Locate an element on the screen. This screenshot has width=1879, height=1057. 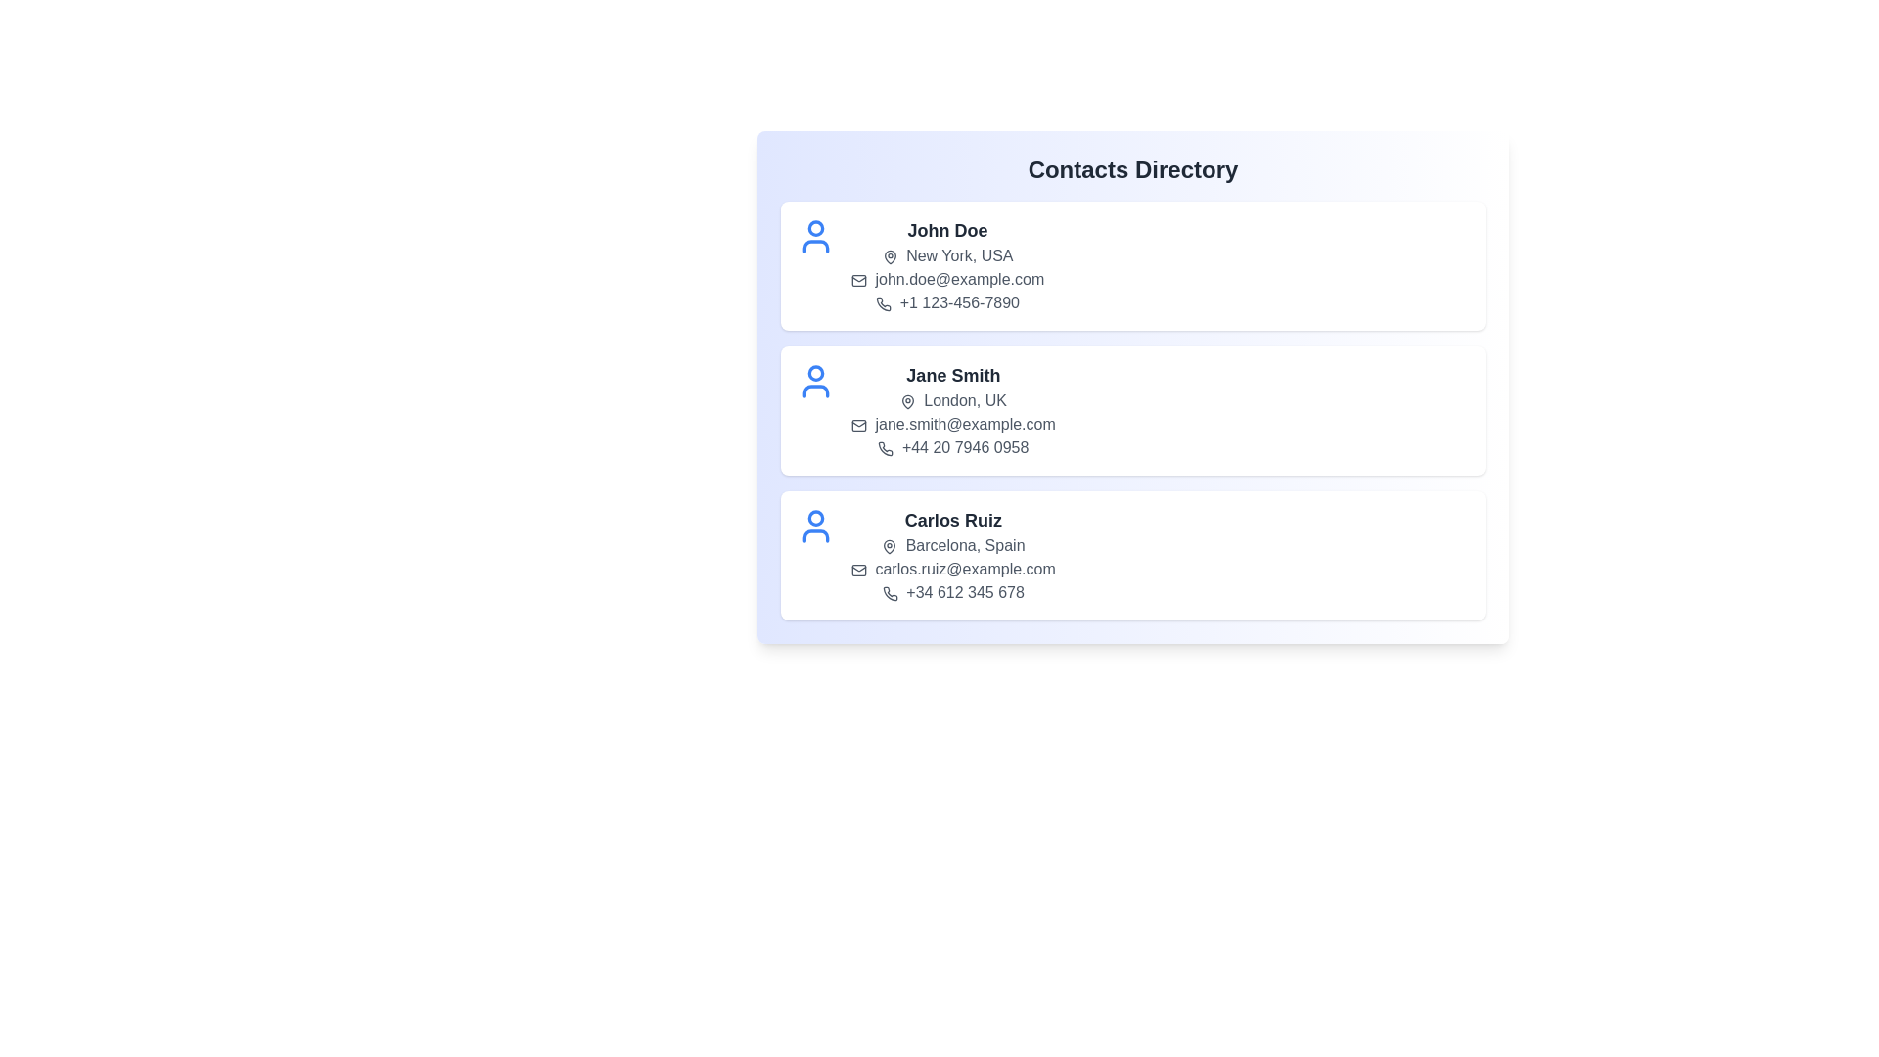
the user icon for the contact Carlos Ruiz is located at coordinates (816, 525).